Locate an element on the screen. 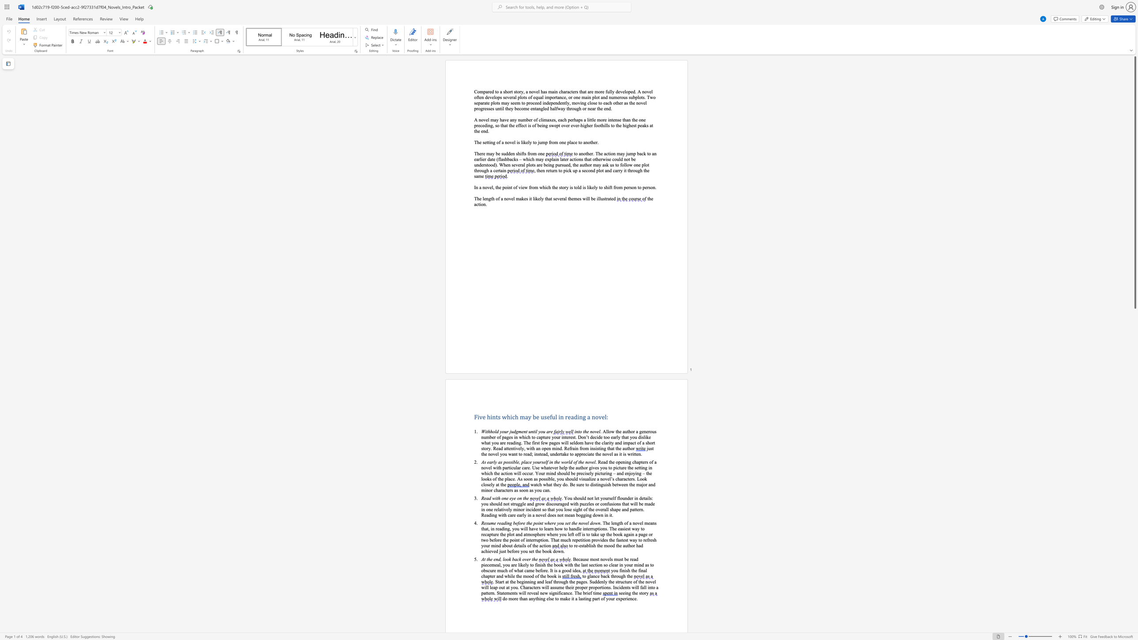 The image size is (1138, 640). the 2th character "p" in the text is located at coordinates (576, 170).